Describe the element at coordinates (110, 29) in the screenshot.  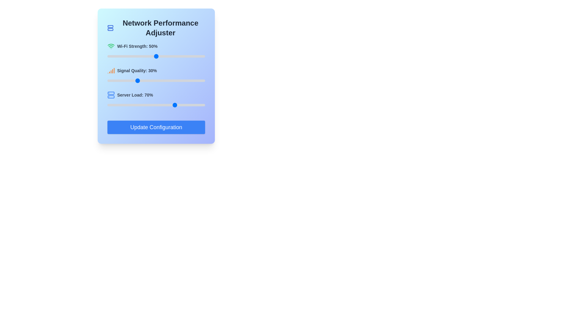
I see `the second blue rectangle located under the server icon in the upper-left corner of the interface` at that location.